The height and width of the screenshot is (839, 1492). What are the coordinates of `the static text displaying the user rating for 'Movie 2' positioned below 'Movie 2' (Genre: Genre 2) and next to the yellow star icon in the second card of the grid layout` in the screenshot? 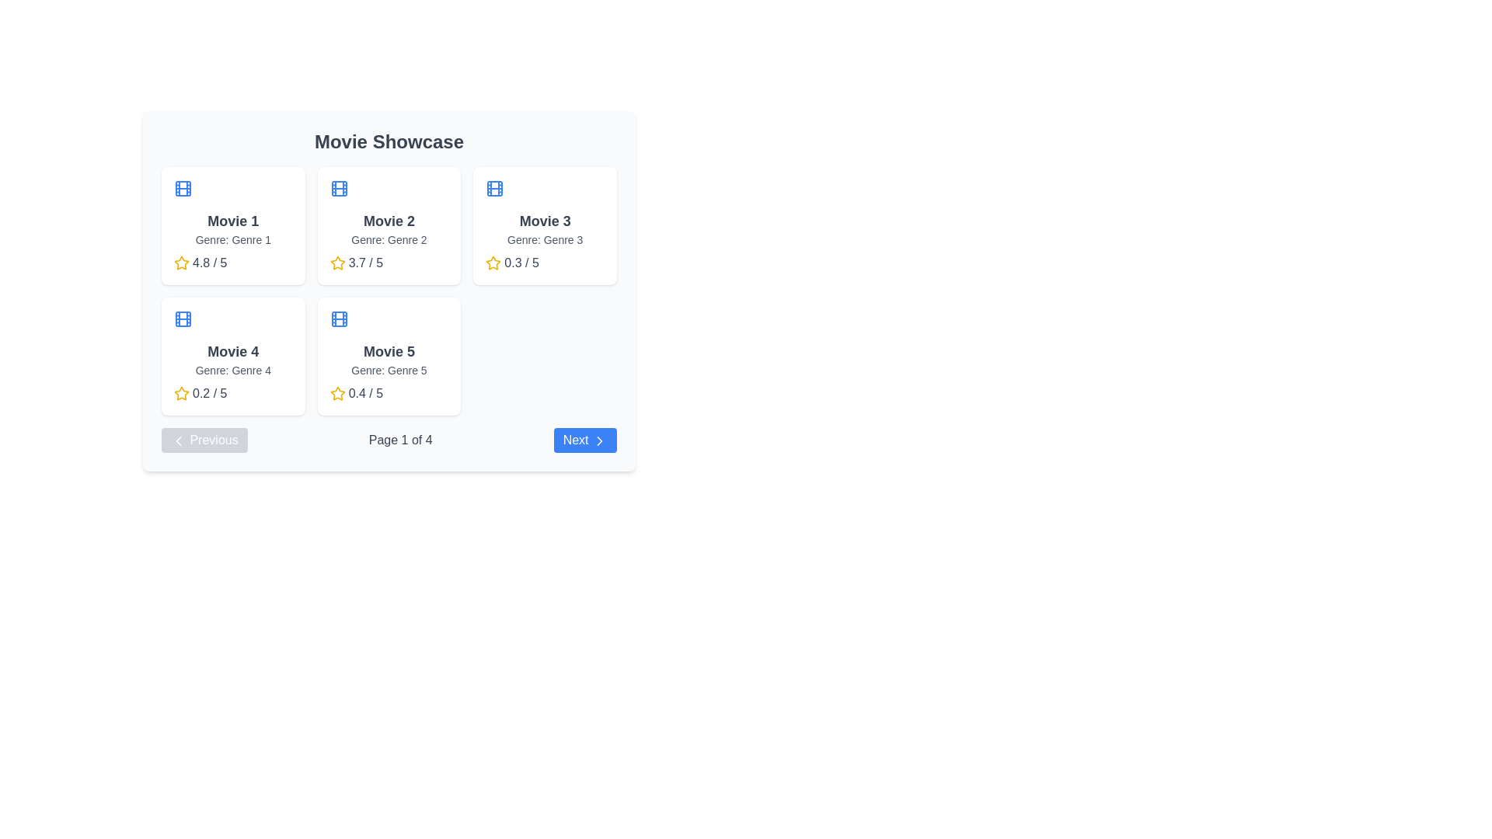 It's located at (364, 263).